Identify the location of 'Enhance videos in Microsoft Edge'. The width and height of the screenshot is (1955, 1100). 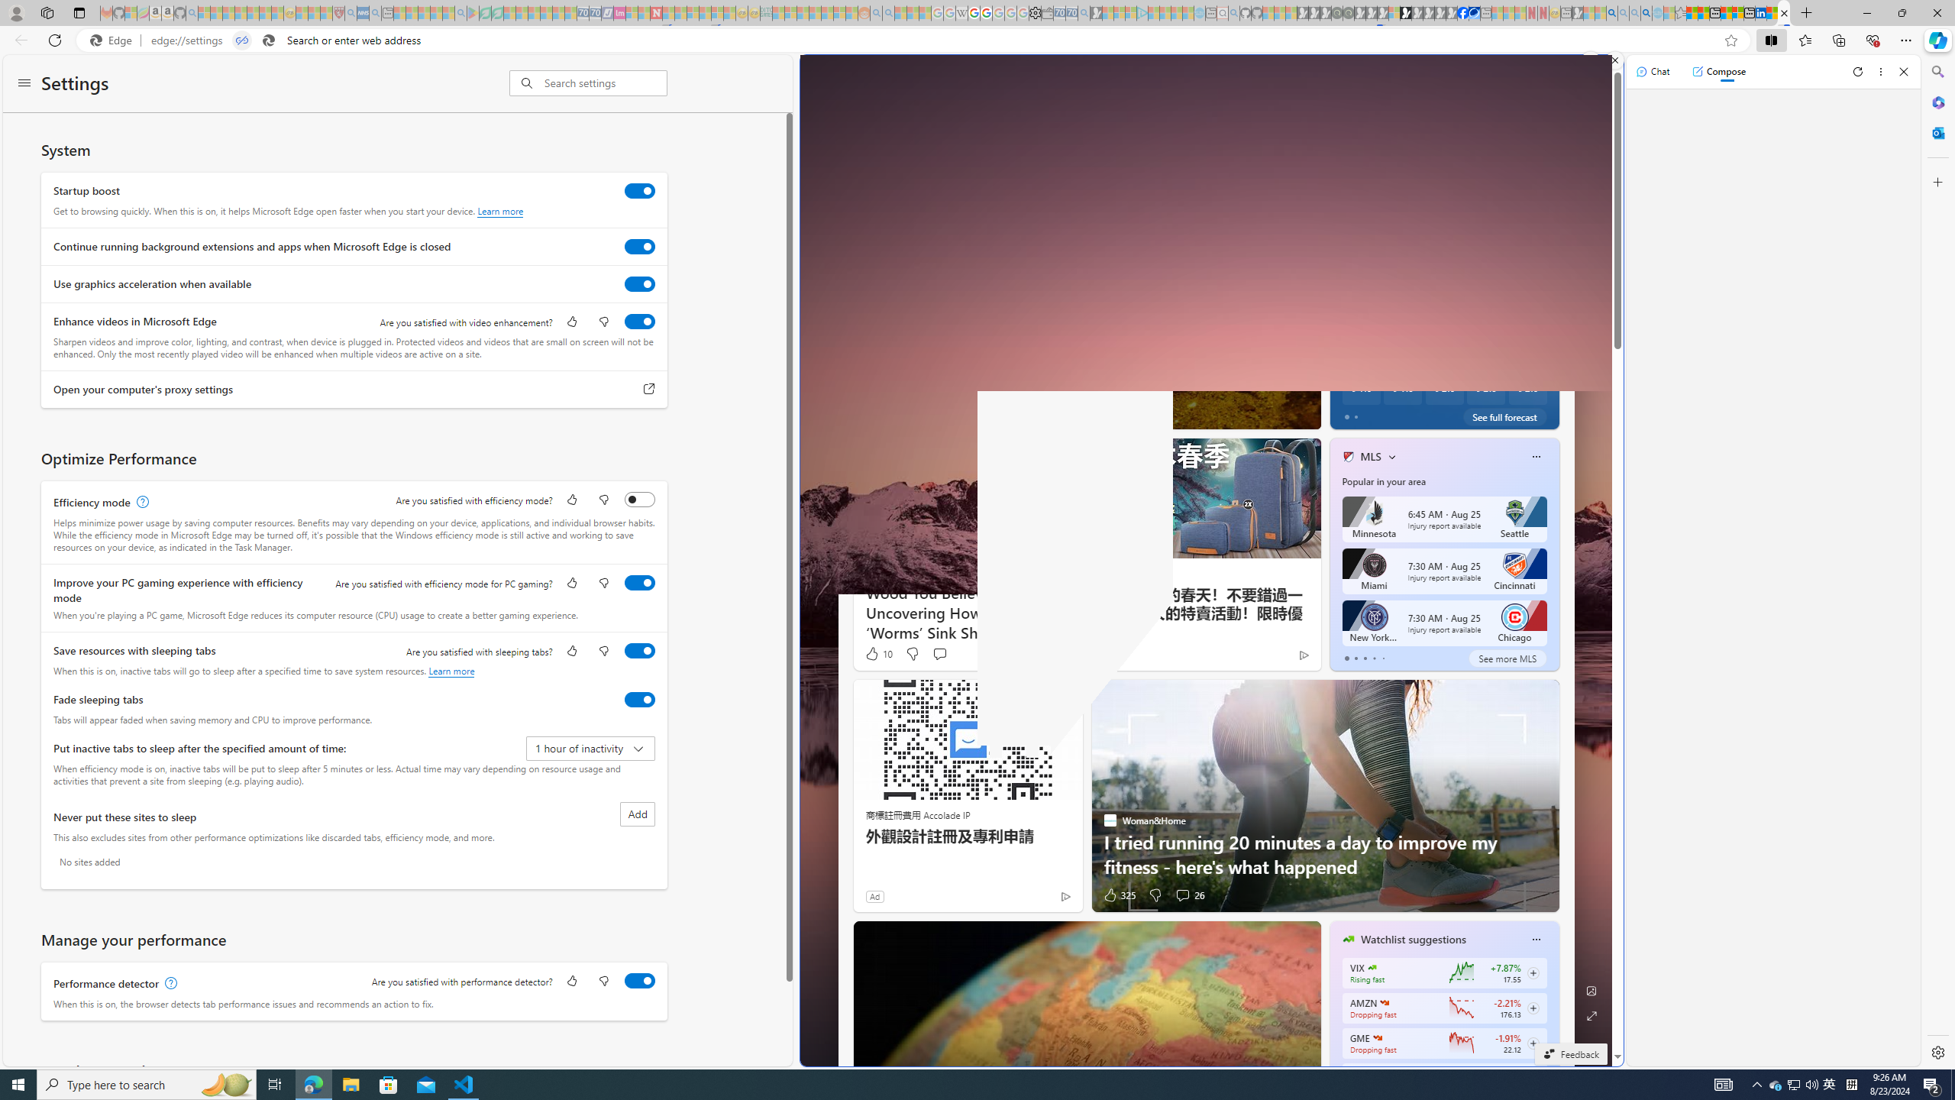
(639, 321).